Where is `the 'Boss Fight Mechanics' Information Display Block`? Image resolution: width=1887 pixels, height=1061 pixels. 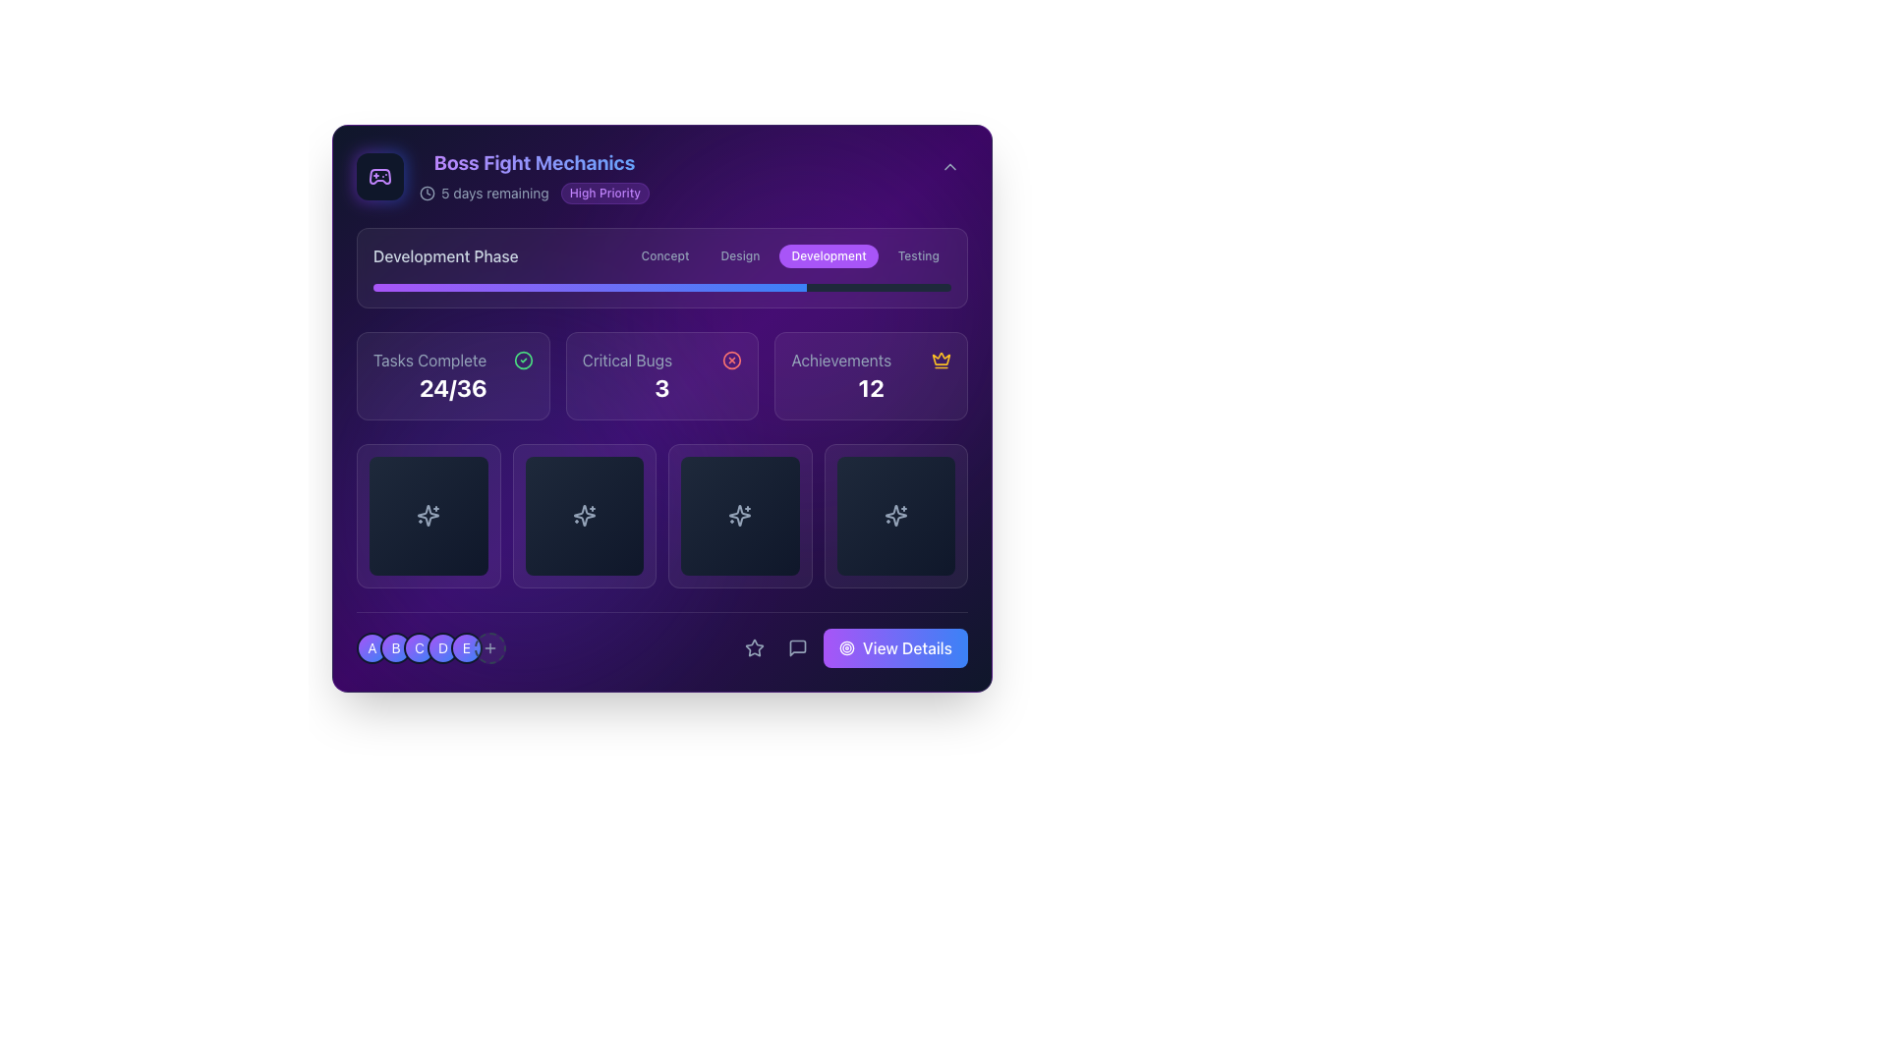 the 'Boss Fight Mechanics' Information Display Block is located at coordinates (534, 177).